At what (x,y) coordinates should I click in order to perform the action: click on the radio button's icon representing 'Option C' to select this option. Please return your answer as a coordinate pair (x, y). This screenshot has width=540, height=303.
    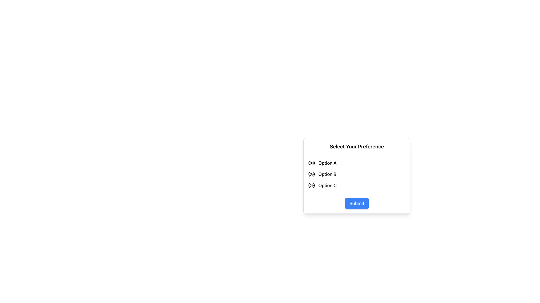
    Looking at the image, I should click on (314, 185).